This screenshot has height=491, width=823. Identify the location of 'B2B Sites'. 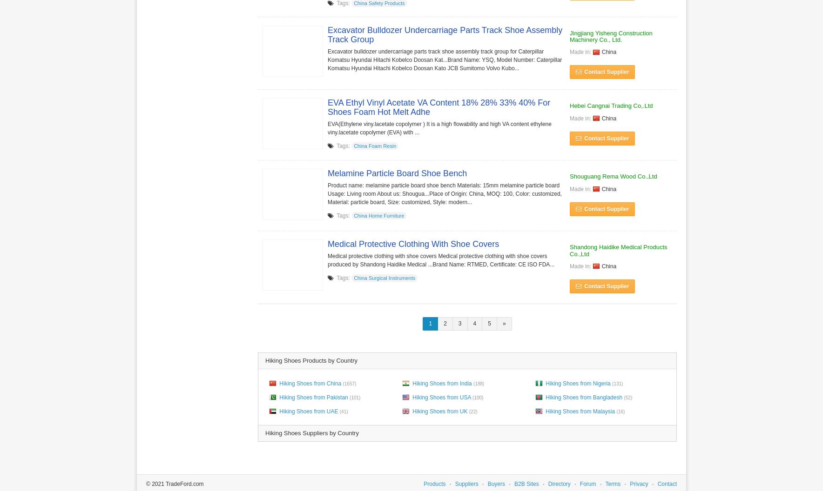
(526, 483).